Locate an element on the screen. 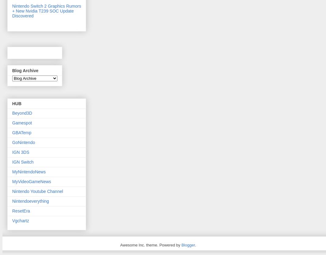 Image resolution: width=326 pixels, height=255 pixels. 'Vgchartz' is located at coordinates (20, 220).